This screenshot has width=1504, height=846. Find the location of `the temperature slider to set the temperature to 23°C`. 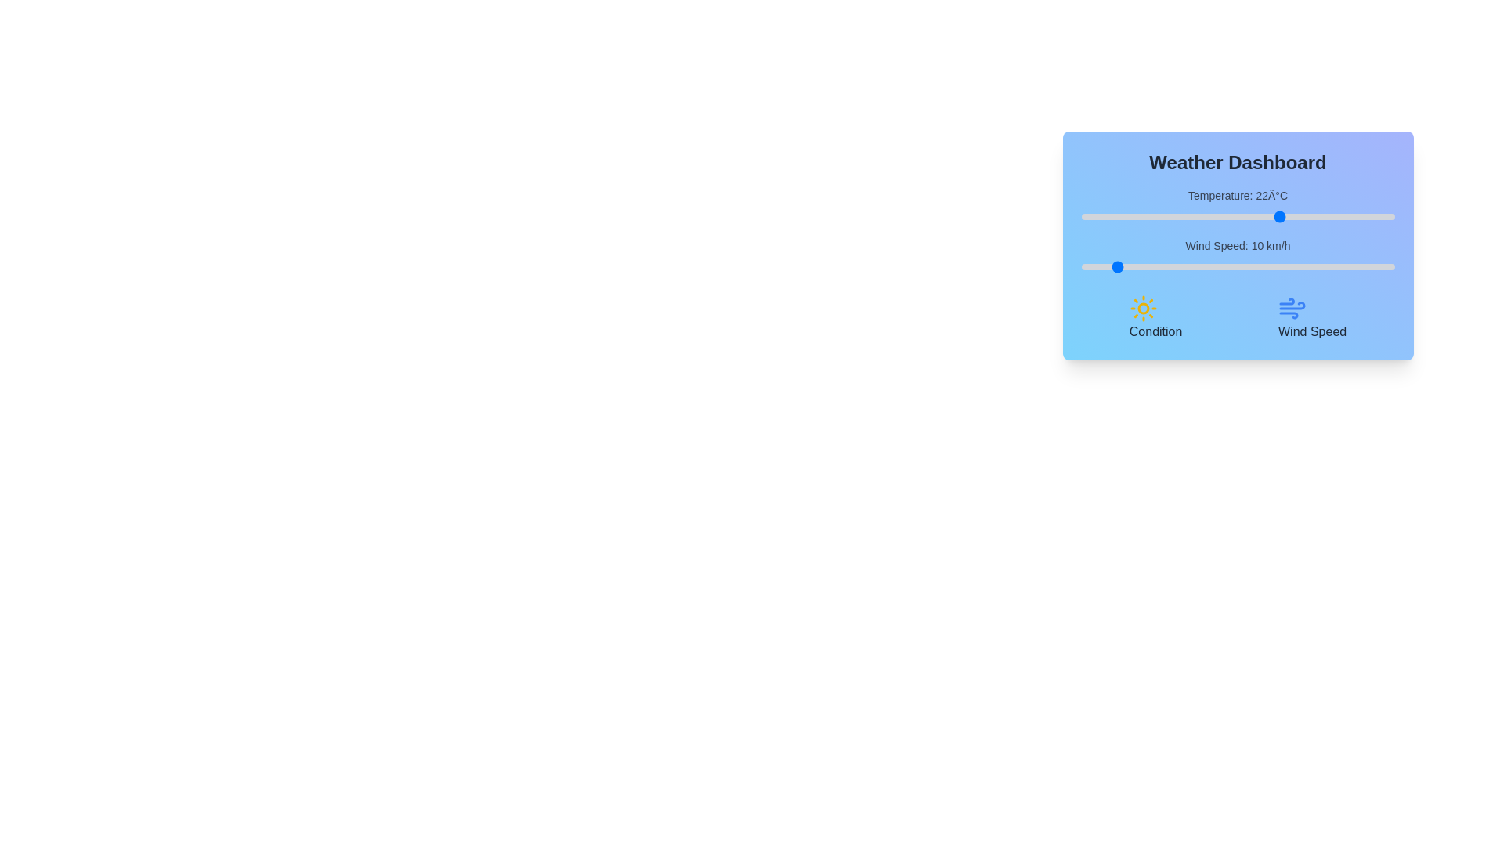

the temperature slider to set the temperature to 23°C is located at coordinates (1288, 217).